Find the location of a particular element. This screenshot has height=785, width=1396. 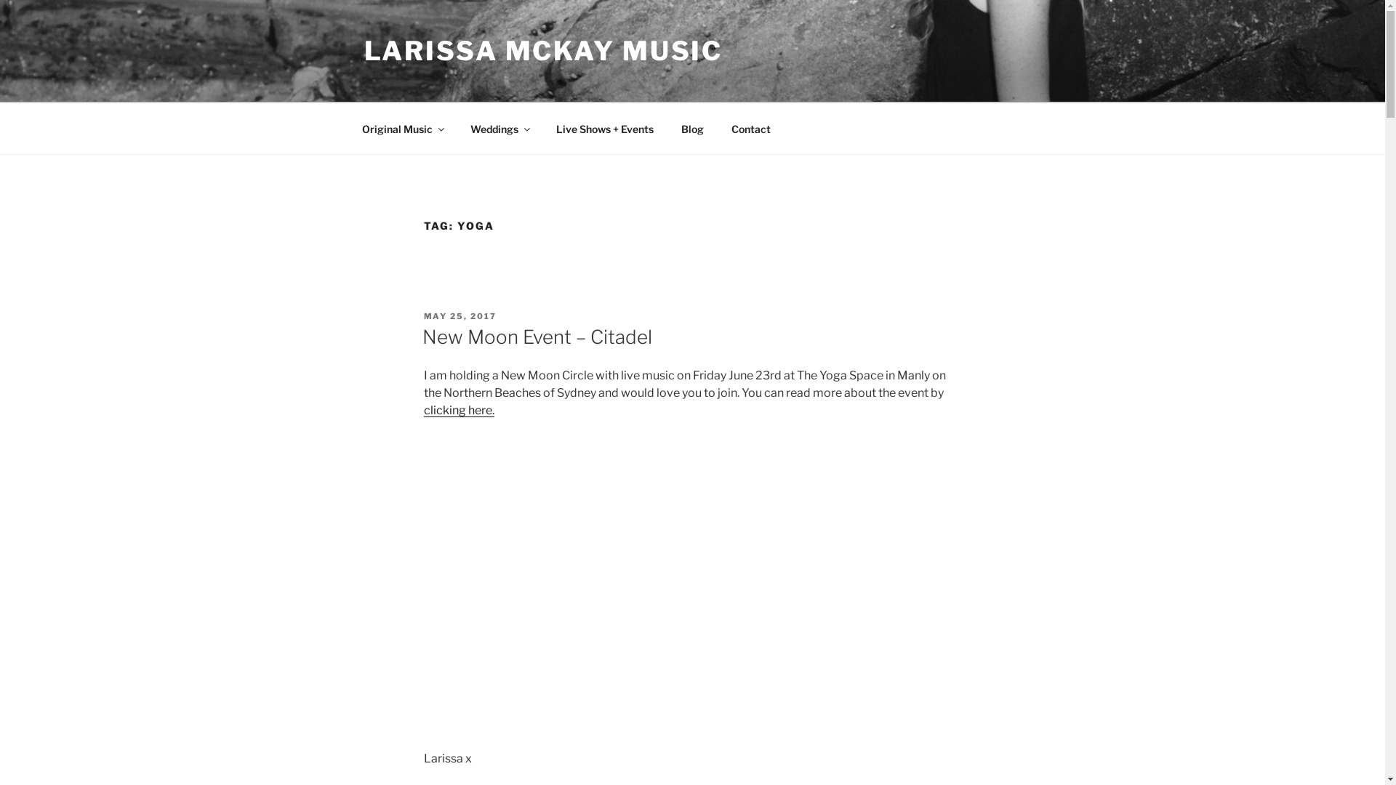

'Original Music' is located at coordinates (401, 127).